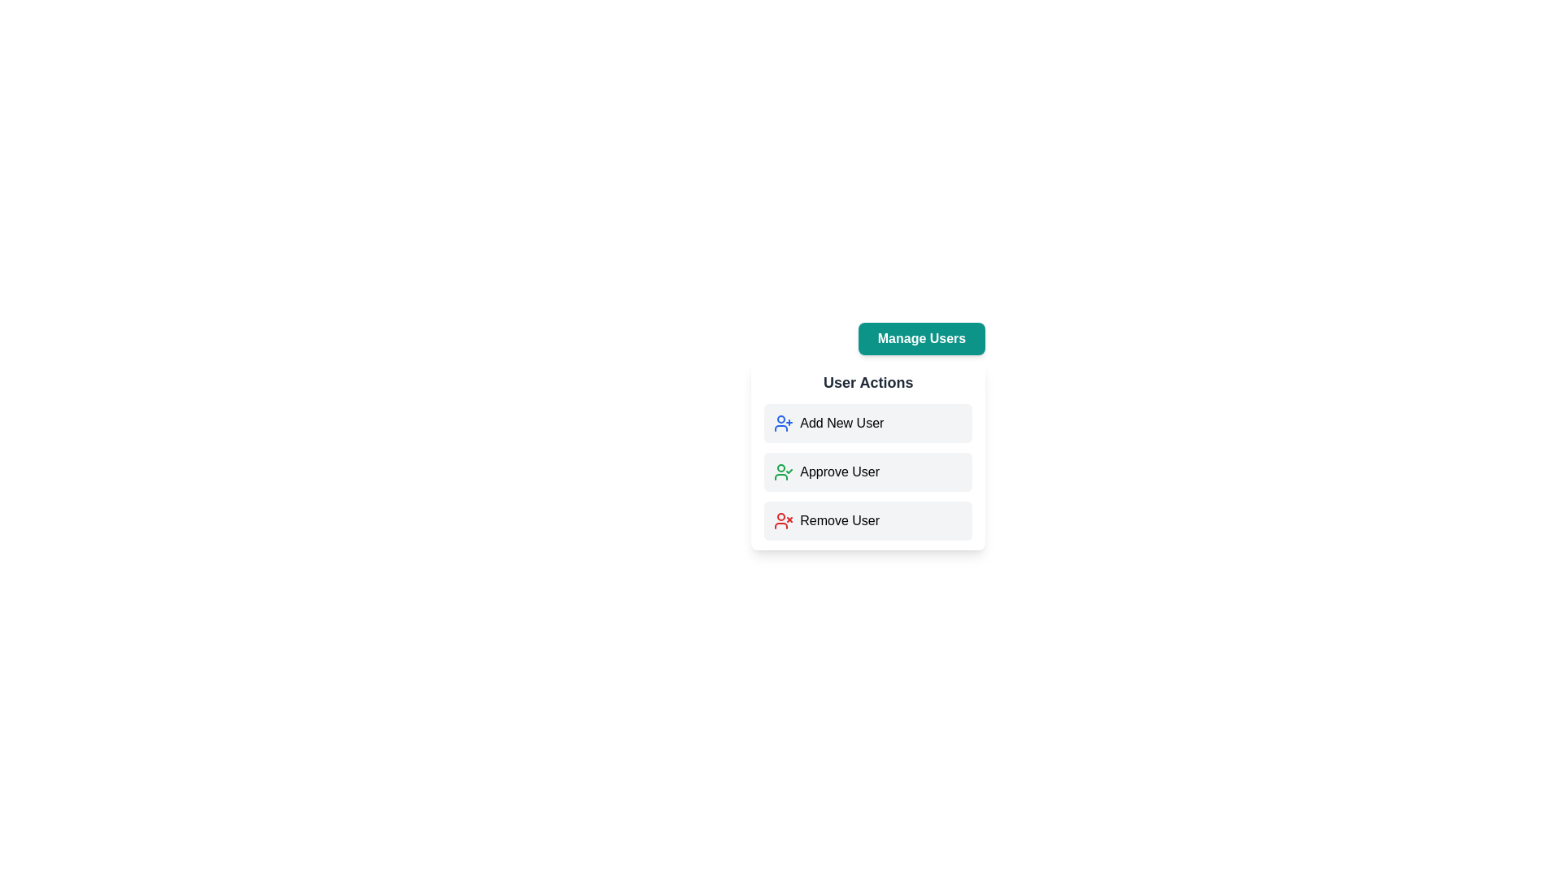 The width and height of the screenshot is (1561, 878). Describe the element at coordinates (840, 472) in the screenshot. I see `text label 'Approve User' which is located in the center of the second row of user action options, directly below the 'Add New User' row` at that location.